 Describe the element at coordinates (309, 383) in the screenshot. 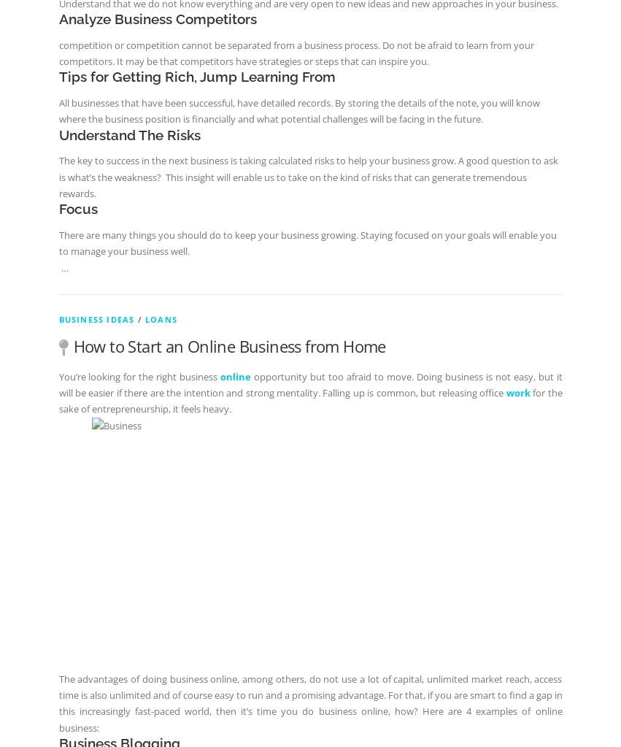

I see `'opportunity but too afraid to move. Doing business is not easy, but it will be easier if there are the intention and strong mentality. Falling up is common, but releasing office'` at that location.